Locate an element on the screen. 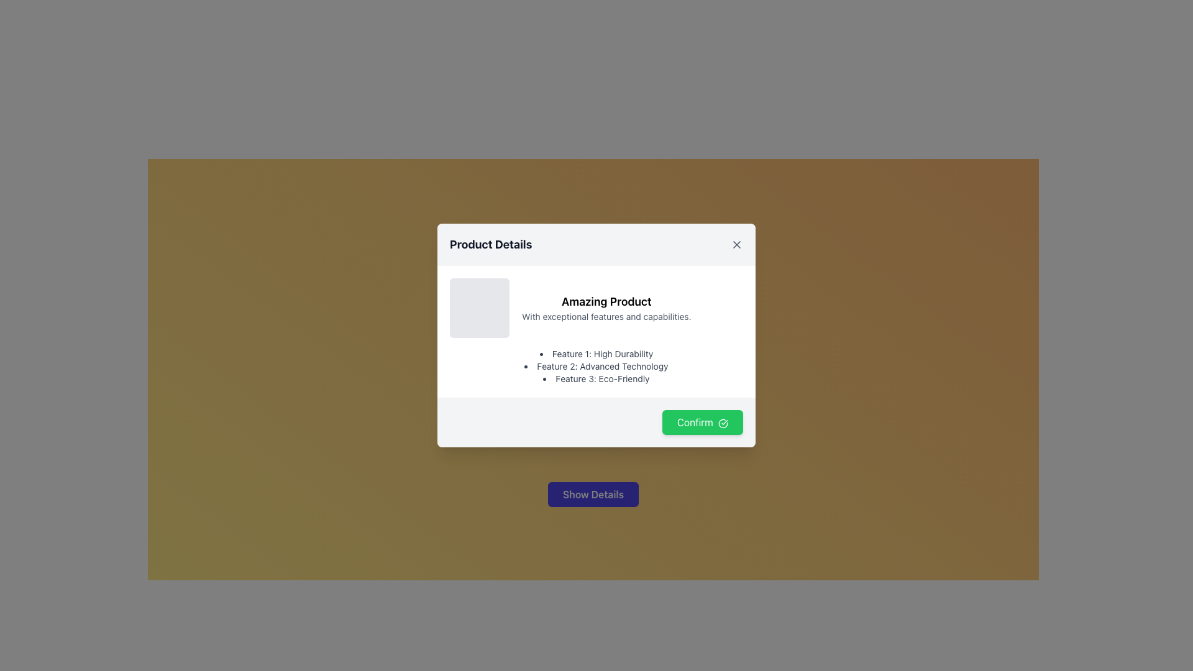 The height and width of the screenshot is (671, 1193). the bulleted list of product features located within the modal dialog beneath the 'Amazing Product' title is located at coordinates (596, 366).